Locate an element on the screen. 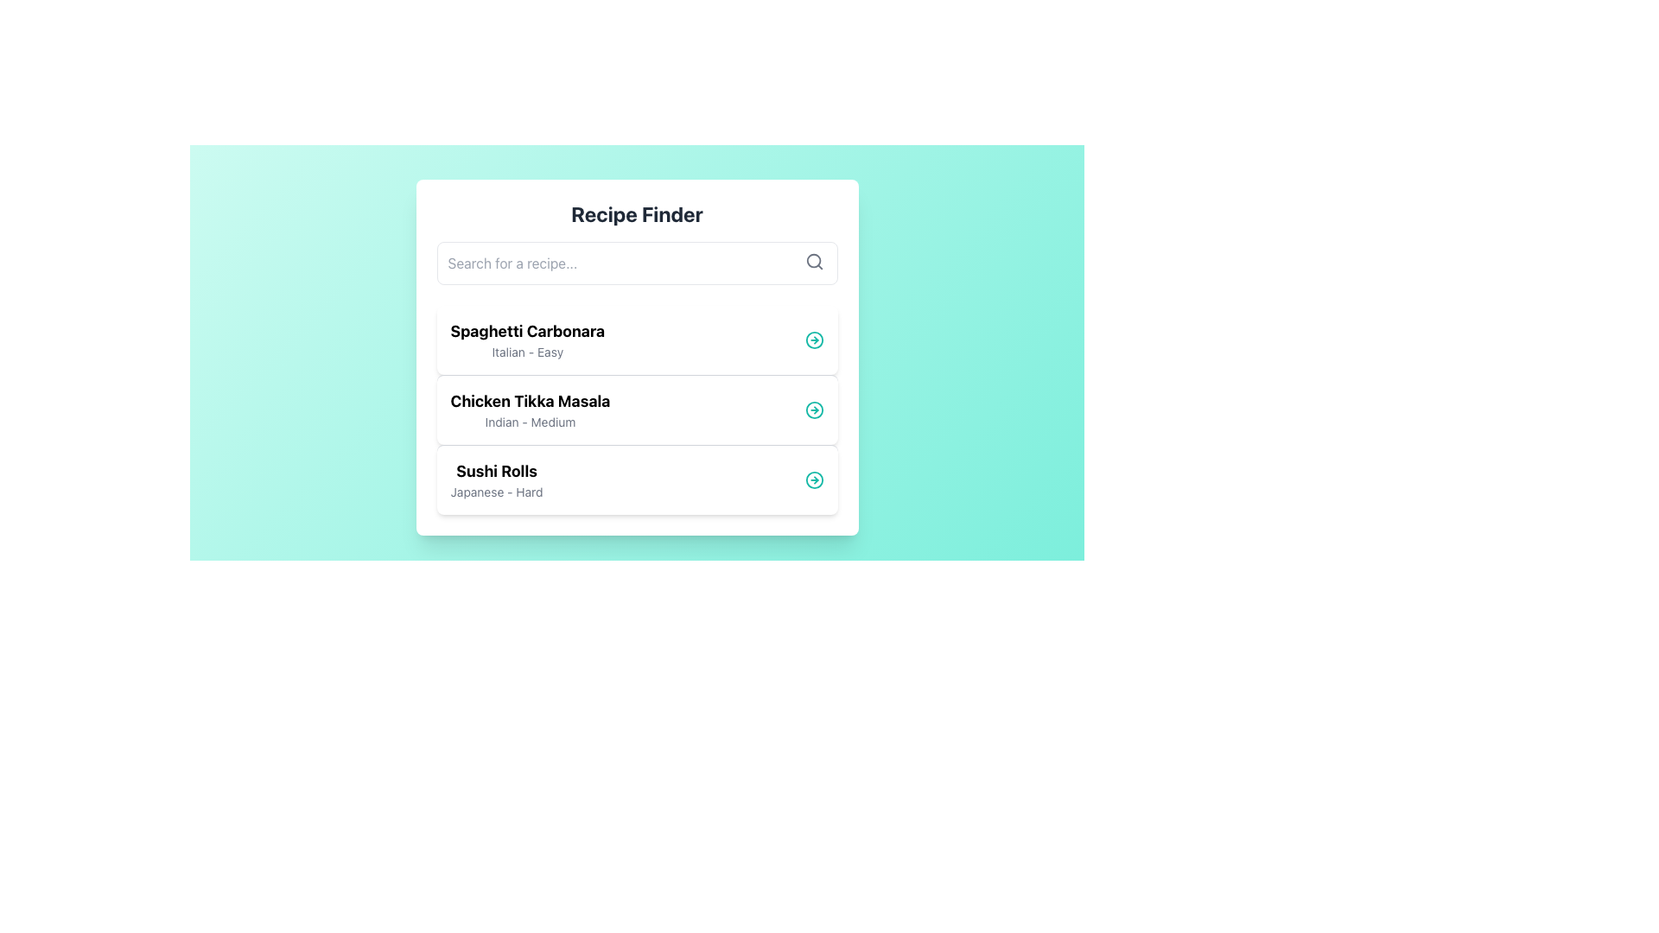 The width and height of the screenshot is (1659, 933). the icon button associated with the 'Chicken Tikka Masala' list entry is located at coordinates (813, 409).